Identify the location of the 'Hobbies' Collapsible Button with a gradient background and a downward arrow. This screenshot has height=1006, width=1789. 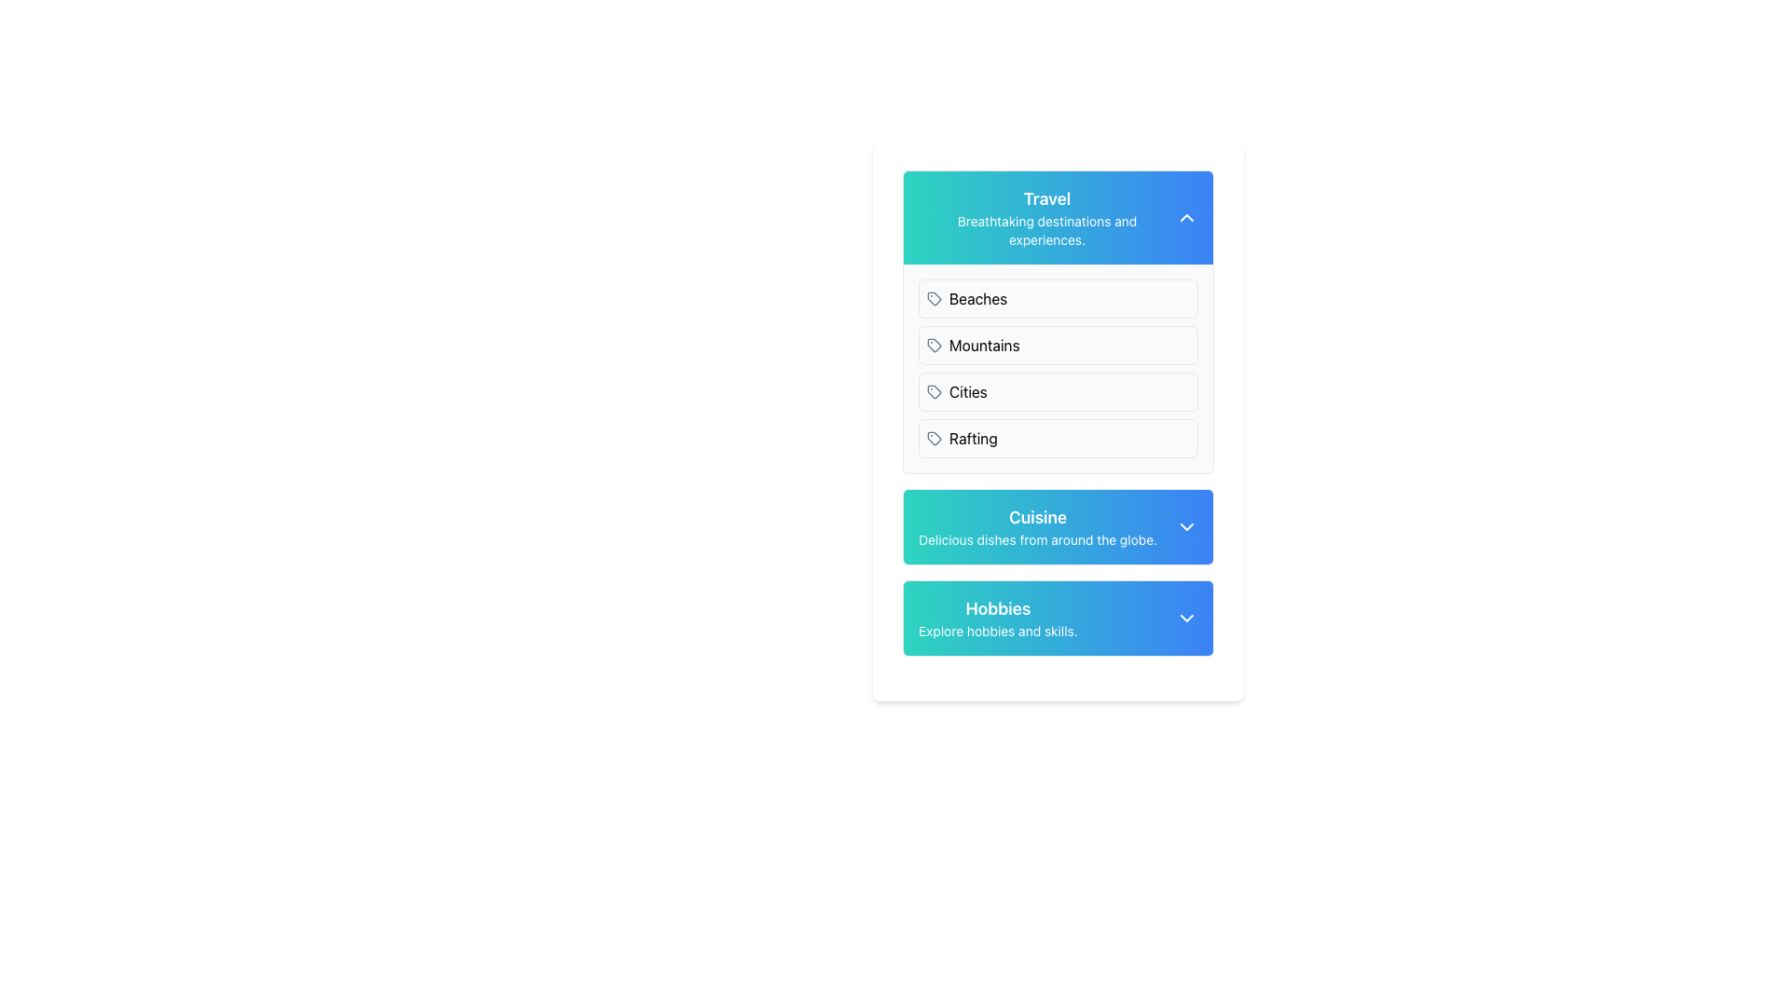
(1058, 618).